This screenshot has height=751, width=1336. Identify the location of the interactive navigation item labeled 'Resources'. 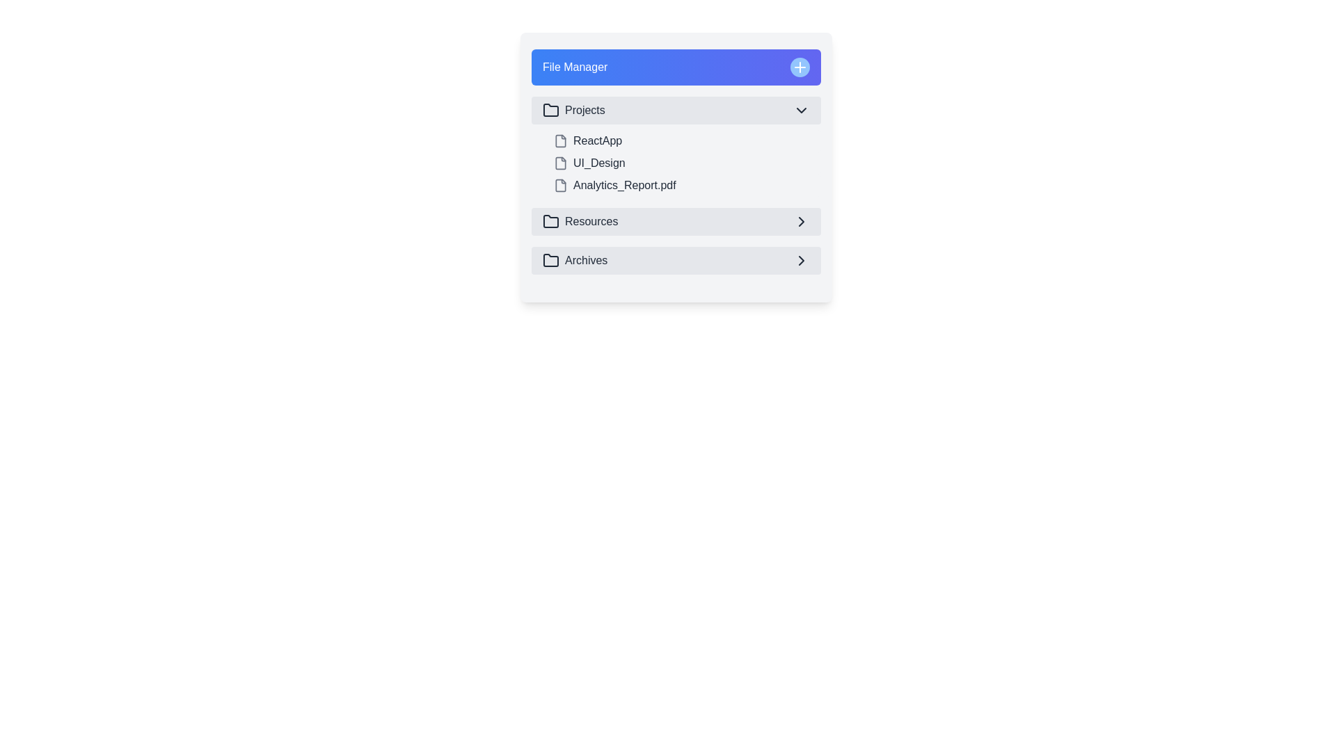
(676, 221).